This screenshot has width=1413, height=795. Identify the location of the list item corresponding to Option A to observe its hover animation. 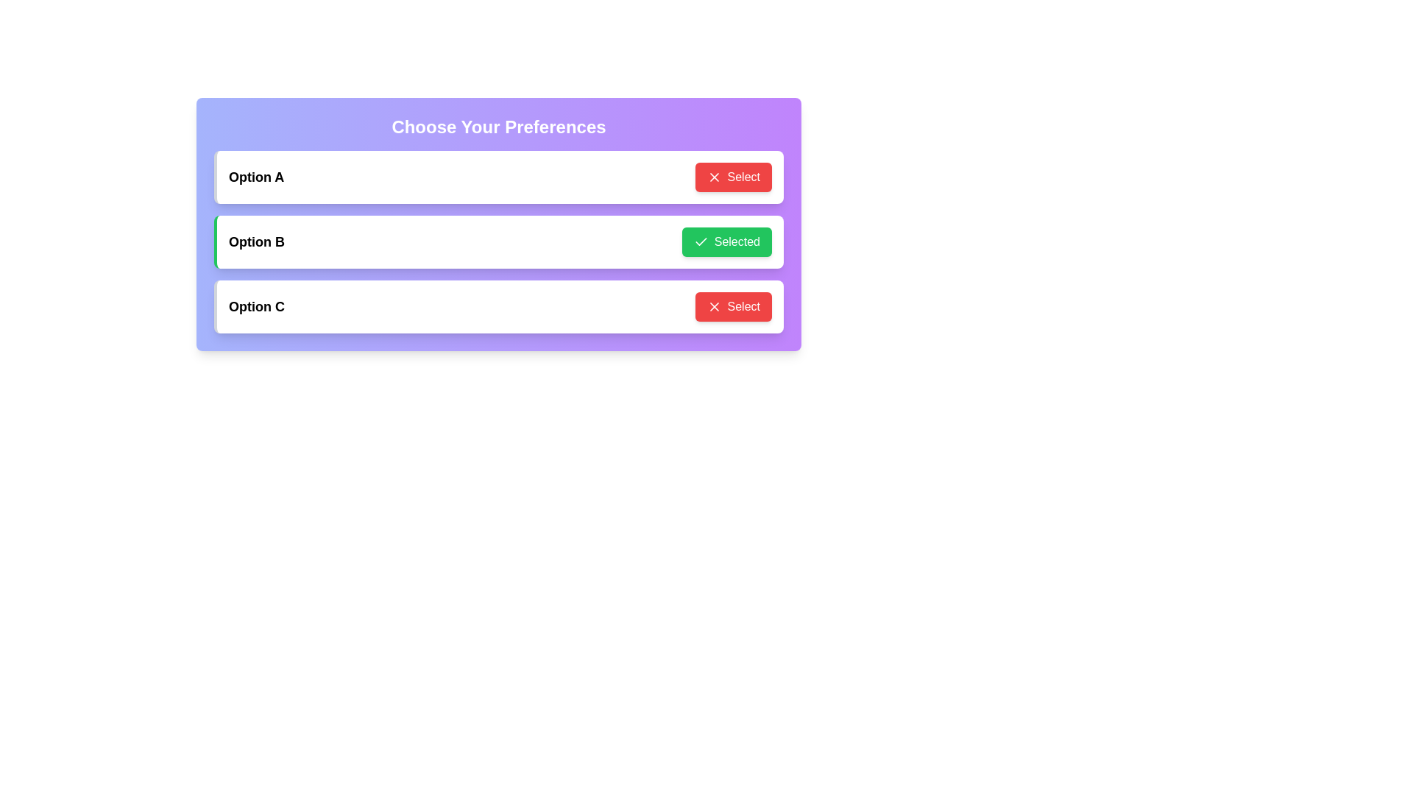
(498, 176).